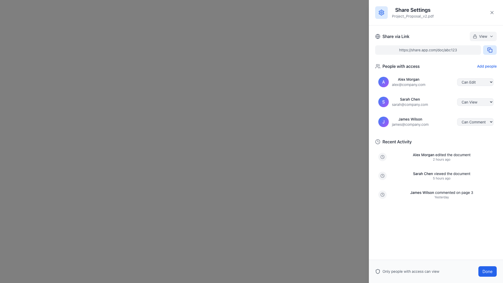 This screenshot has height=283, width=503. Describe the element at coordinates (424, 154) in the screenshot. I see `the text label 'Alex Morgan' in the recent activity log` at that location.